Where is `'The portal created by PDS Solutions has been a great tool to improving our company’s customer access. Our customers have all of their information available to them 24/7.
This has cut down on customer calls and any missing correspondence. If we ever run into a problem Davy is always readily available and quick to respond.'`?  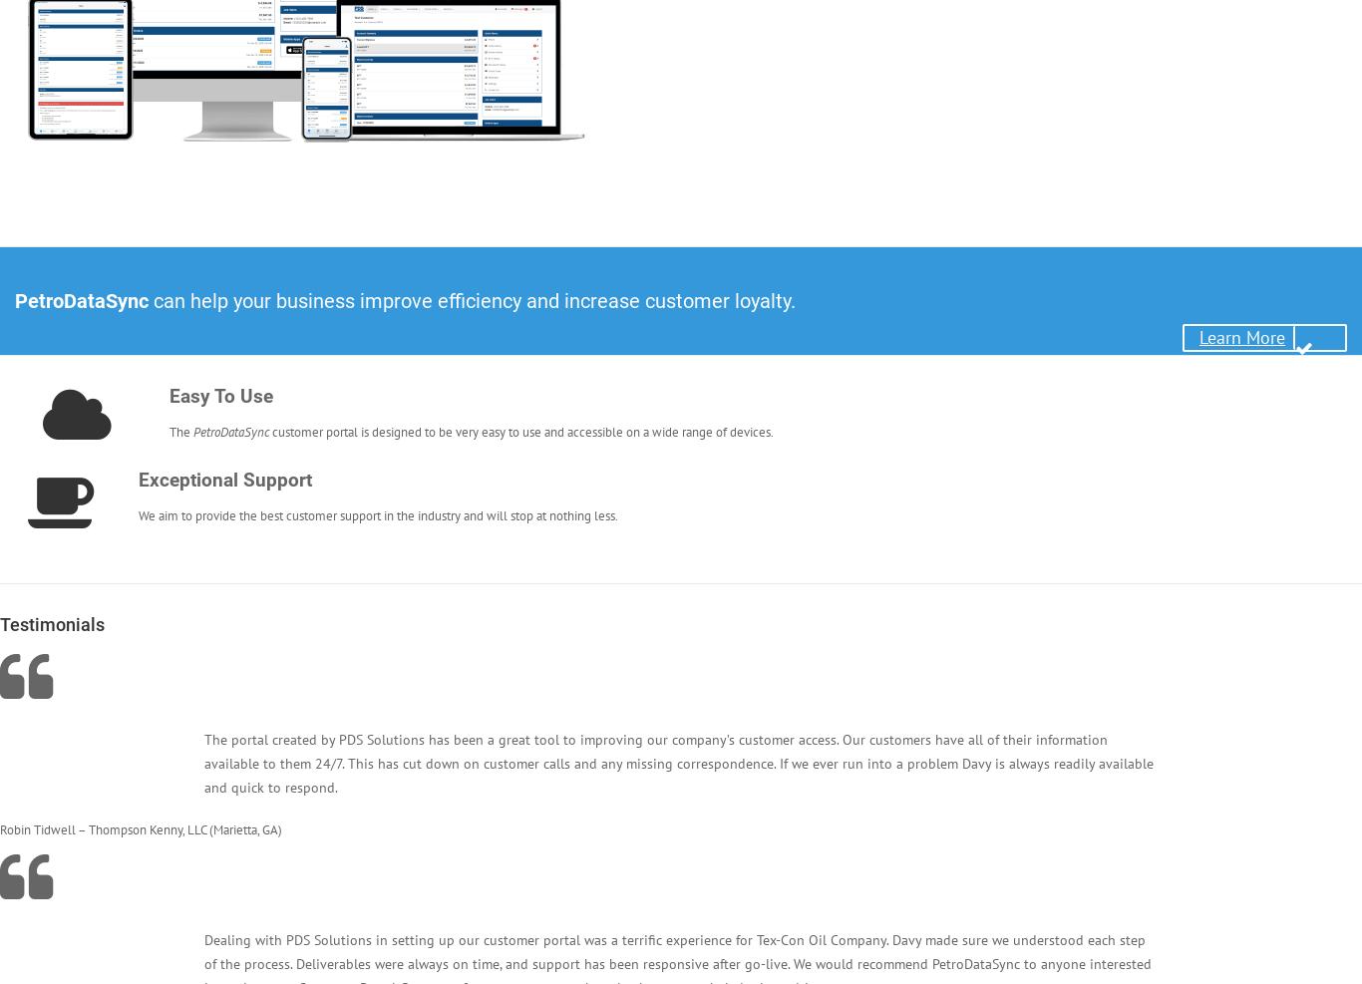 'The portal created by PDS Solutions has been a great tool to improving our company’s customer access. Our customers have all of their information available to them 24/7.
This has cut down on customer calls and any missing correspondence. If we ever run into a problem Davy is always readily available and quick to respond.' is located at coordinates (676, 762).